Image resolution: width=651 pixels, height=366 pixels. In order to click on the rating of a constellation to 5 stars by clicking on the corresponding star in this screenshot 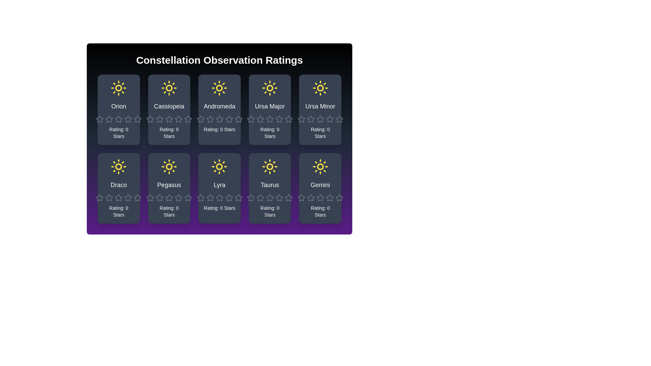, I will do `click(134, 115)`.